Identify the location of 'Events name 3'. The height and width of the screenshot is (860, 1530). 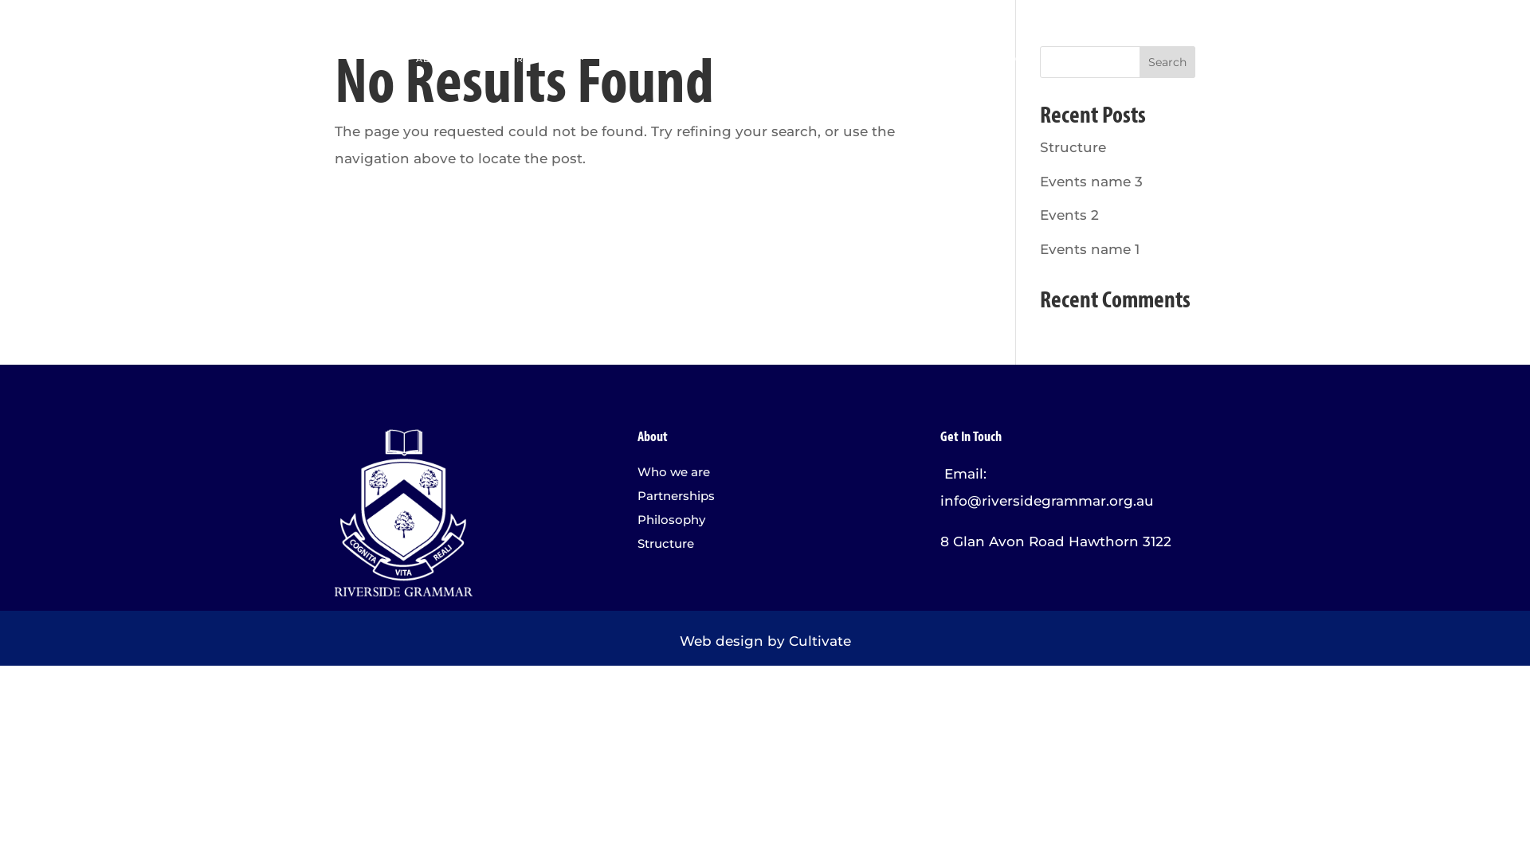
(1090, 180).